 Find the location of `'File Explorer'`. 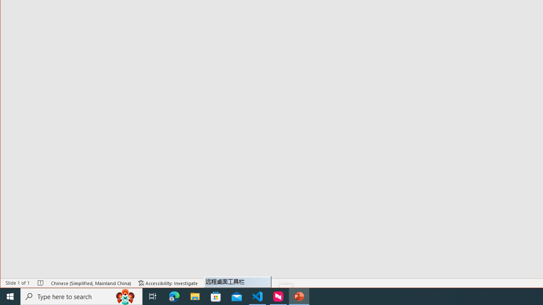

'File Explorer' is located at coordinates (195, 296).